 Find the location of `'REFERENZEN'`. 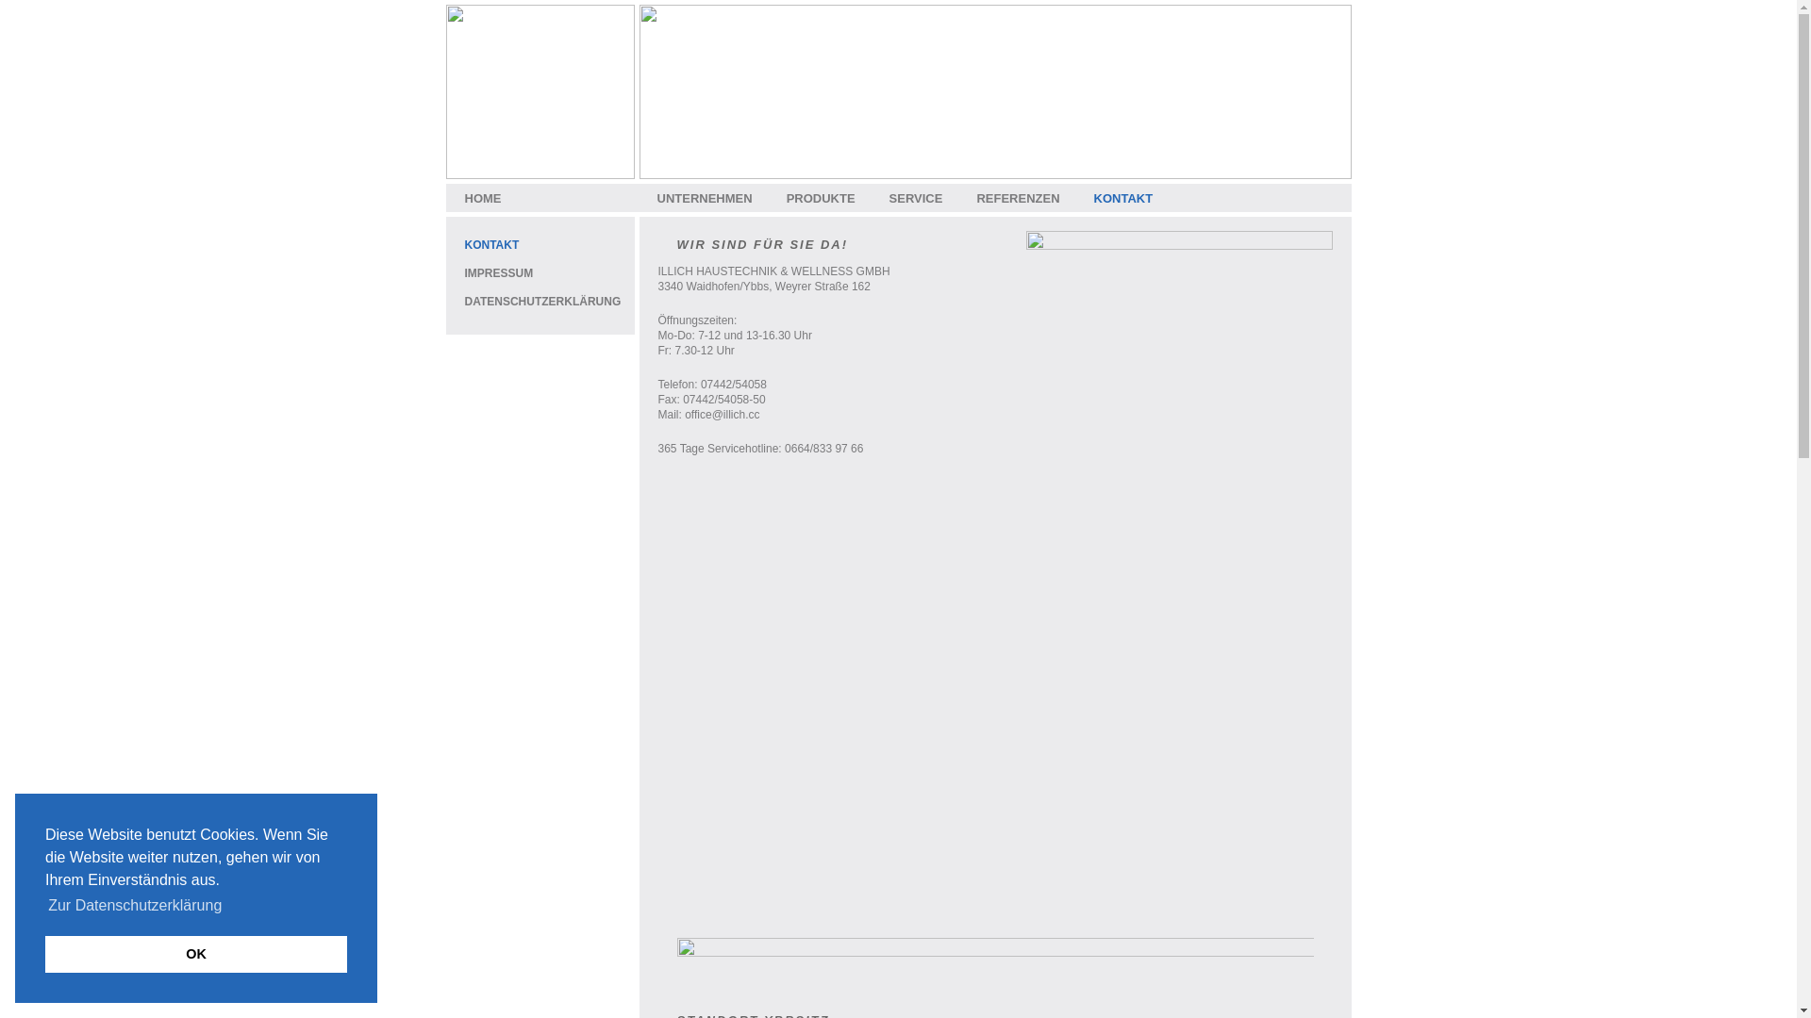

'REFERENZEN' is located at coordinates (1017, 198).